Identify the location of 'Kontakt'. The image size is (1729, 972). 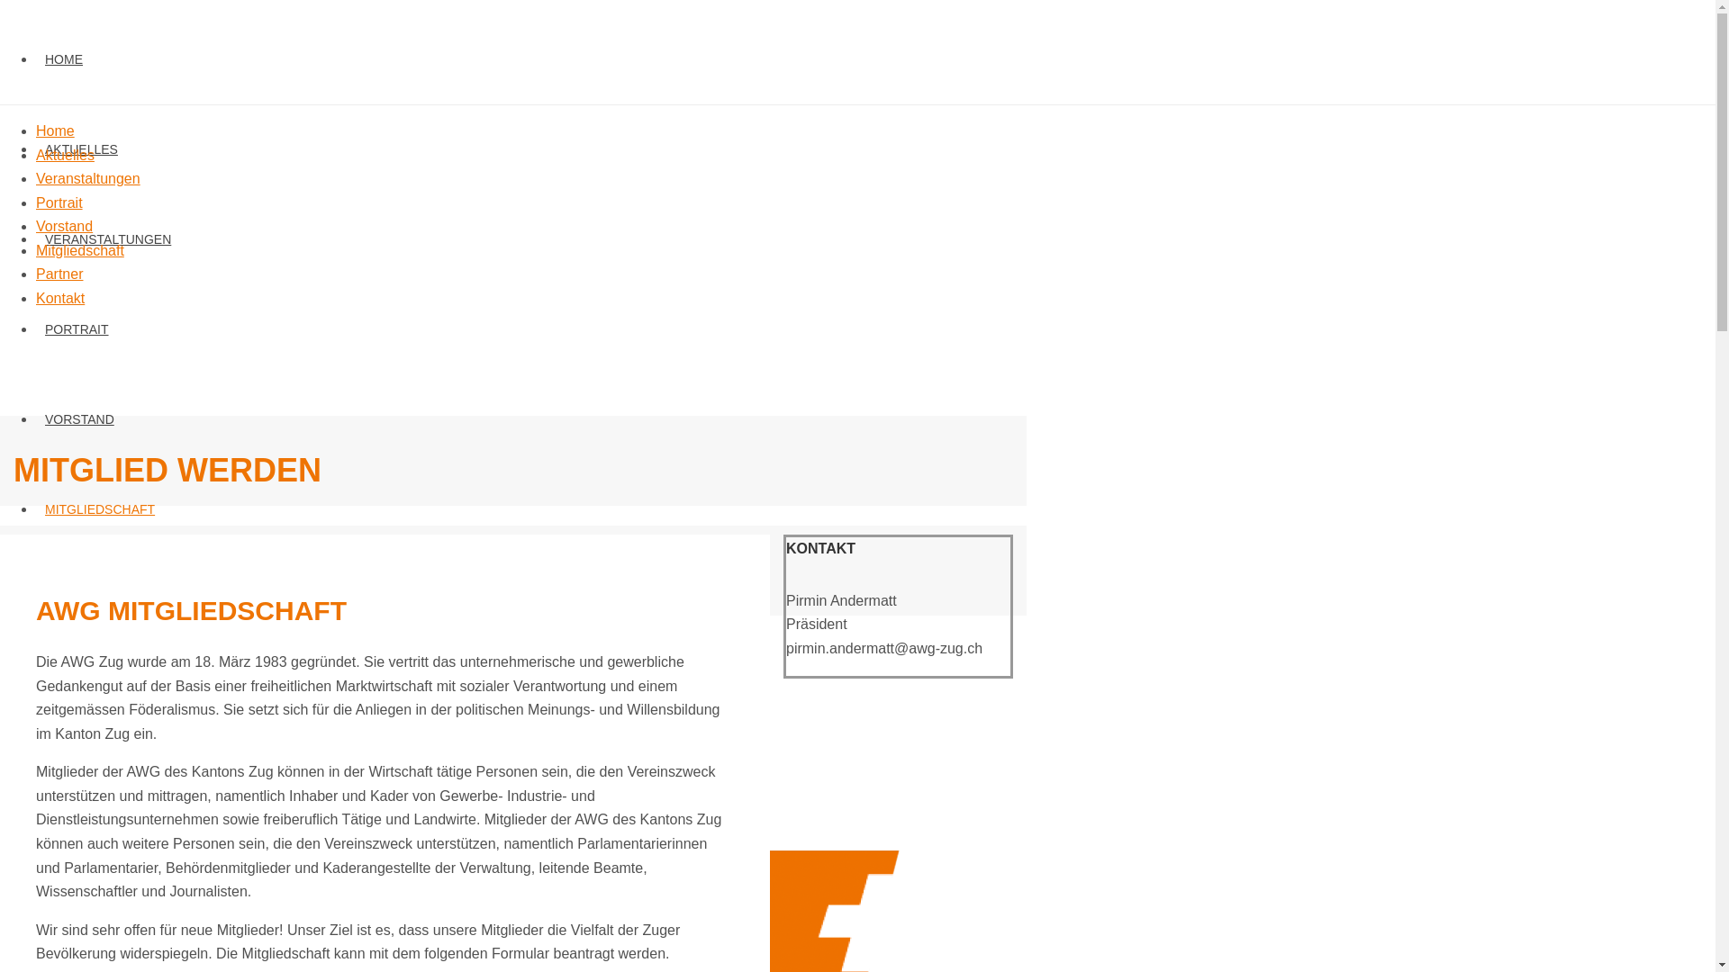
(60, 297).